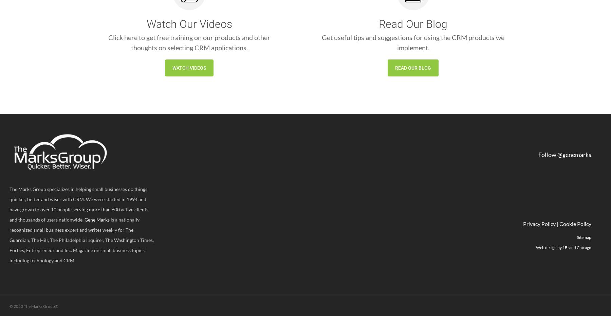 Image resolution: width=611 pixels, height=316 pixels. I want to click on 'Click here to get free training on our products and other thoughts on selecting CRM applications.', so click(189, 42).